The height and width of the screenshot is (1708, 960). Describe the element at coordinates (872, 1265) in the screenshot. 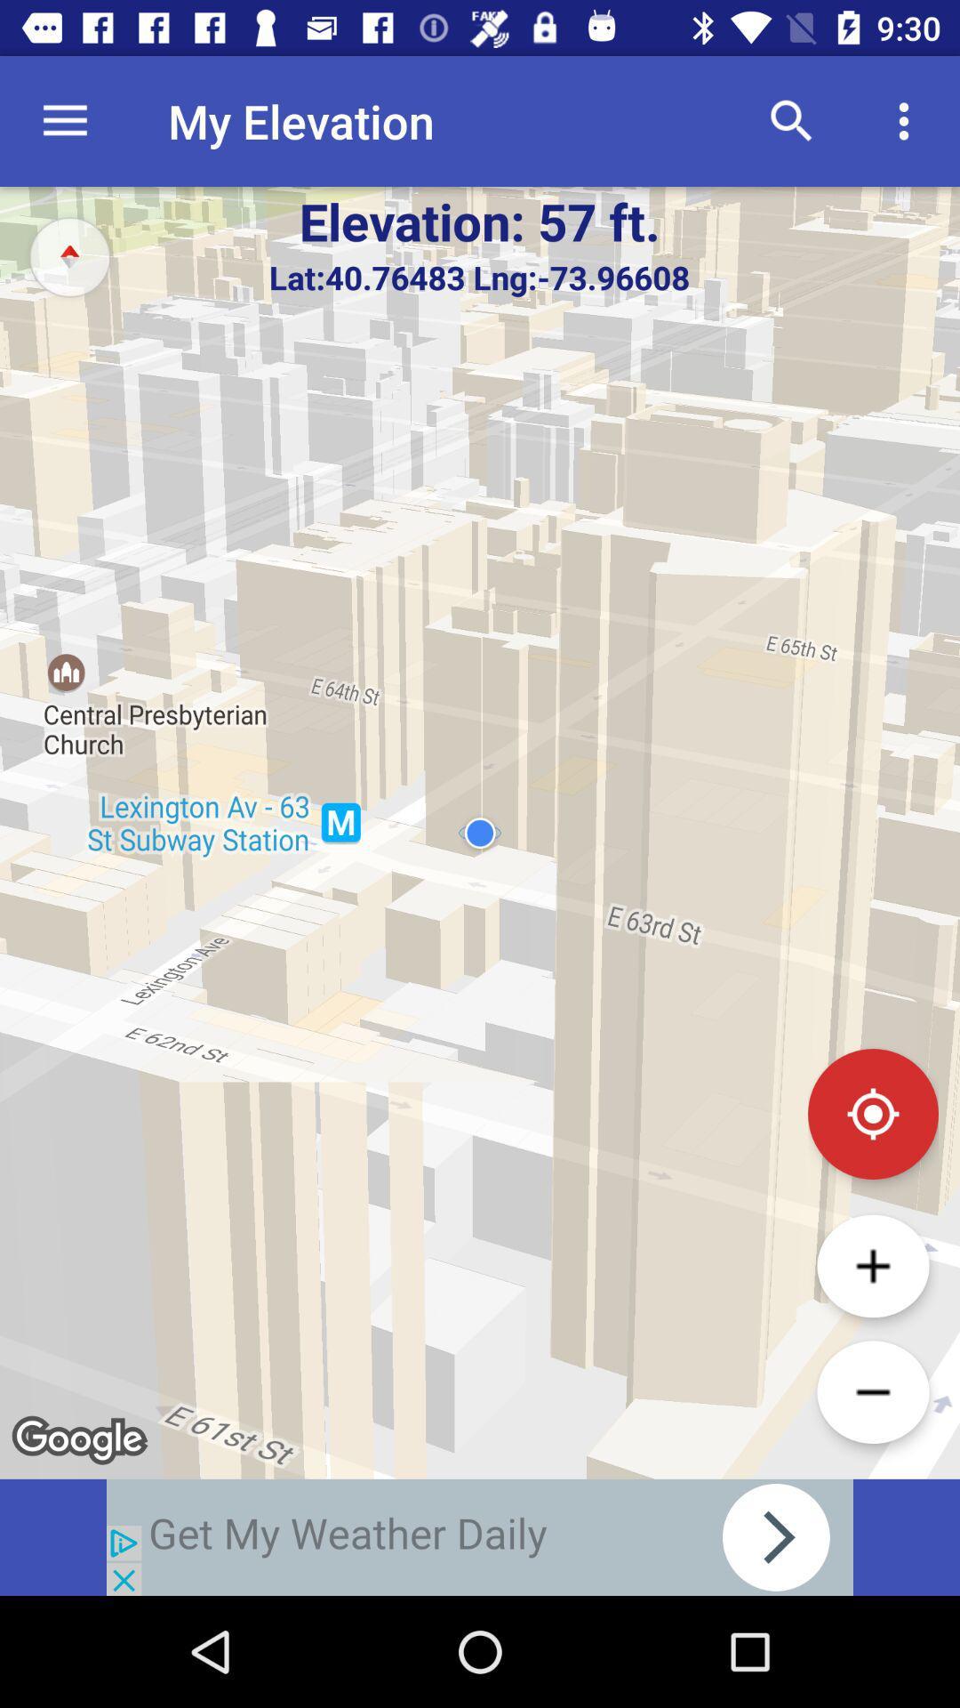

I see `the add icon` at that location.